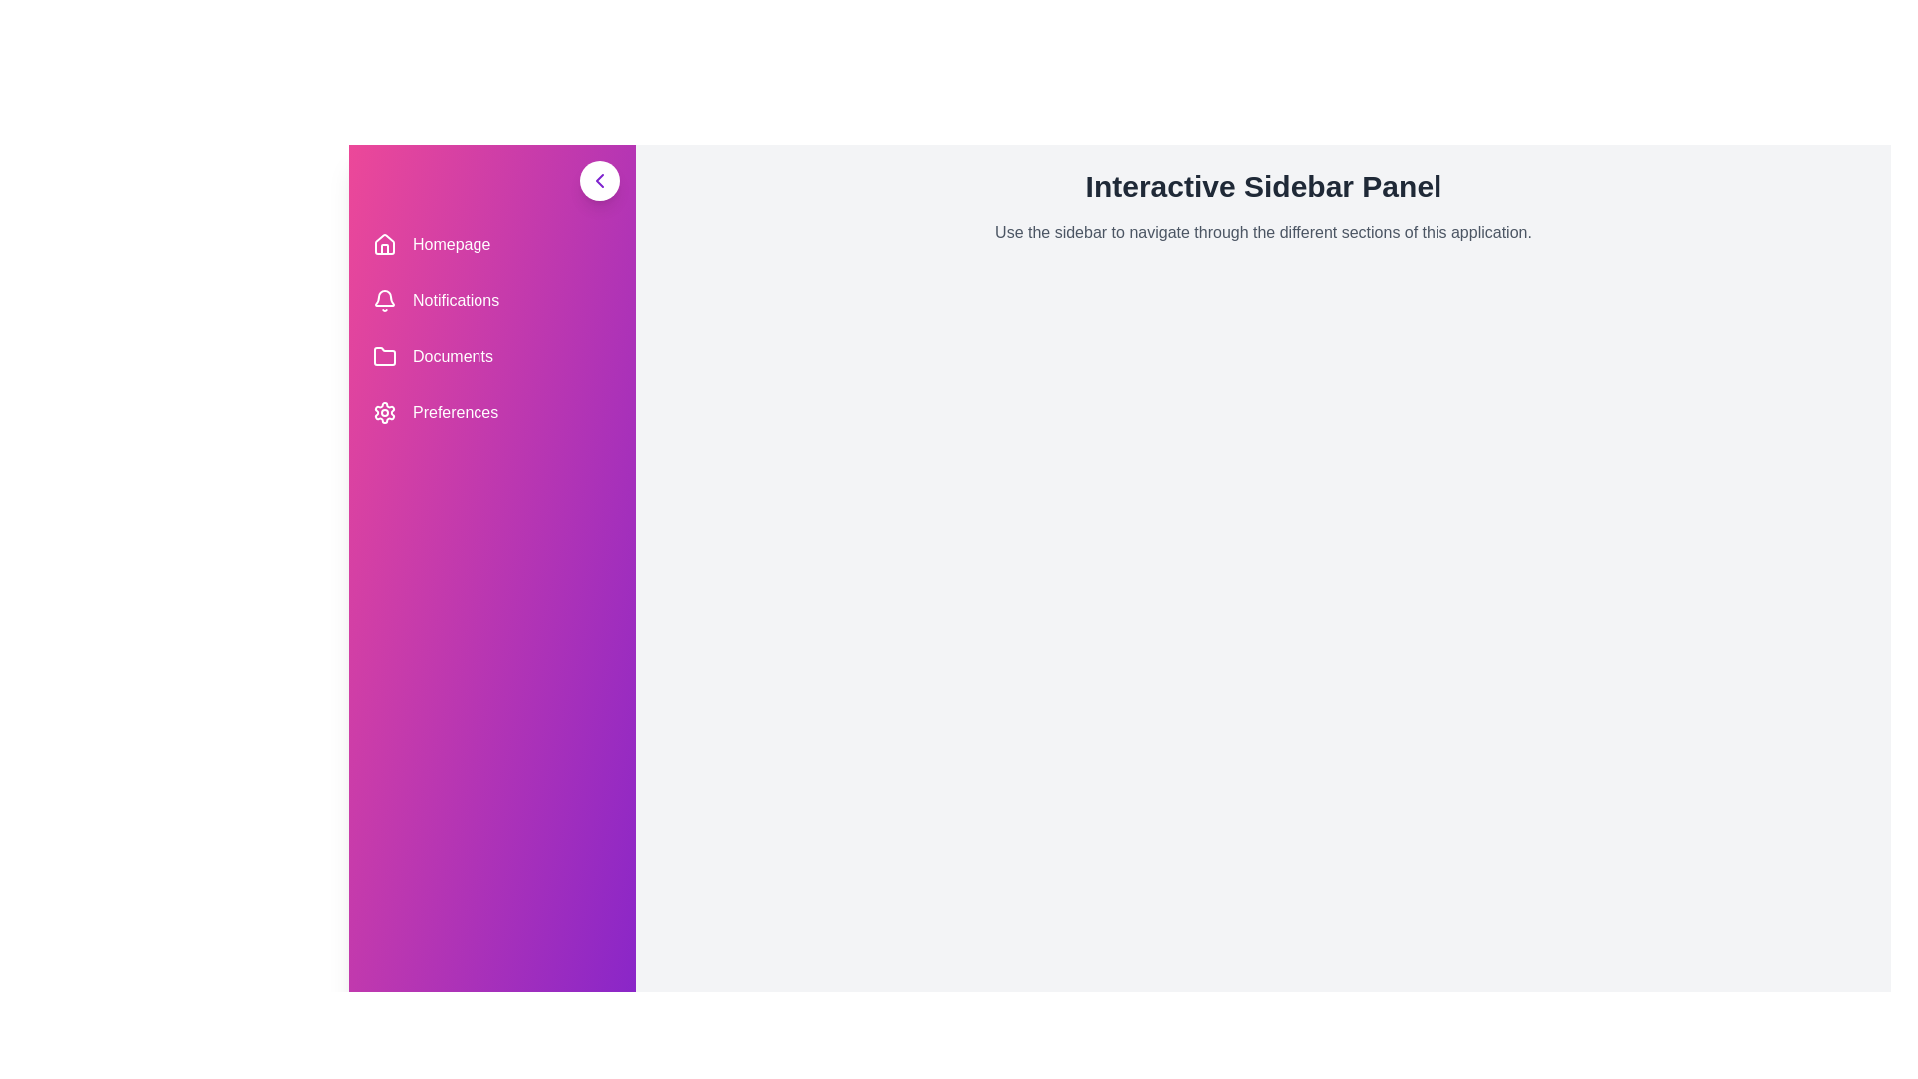 The width and height of the screenshot is (1918, 1079). What do you see at coordinates (492, 300) in the screenshot?
I see `the sidebar menu item Notifications` at bounding box center [492, 300].